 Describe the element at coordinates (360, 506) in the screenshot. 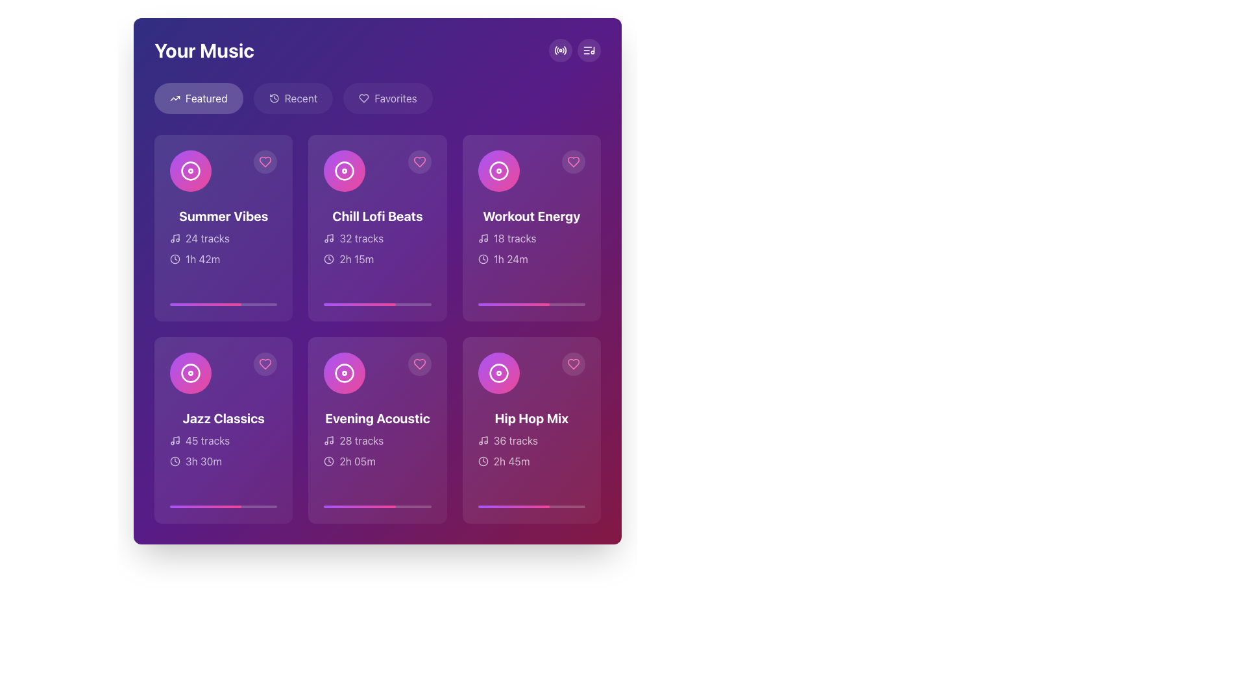

I see `the progress bar styled with a gradient transitioning from purple to pink, located at the bottom center of the 'Evening Acoustic' card` at that location.